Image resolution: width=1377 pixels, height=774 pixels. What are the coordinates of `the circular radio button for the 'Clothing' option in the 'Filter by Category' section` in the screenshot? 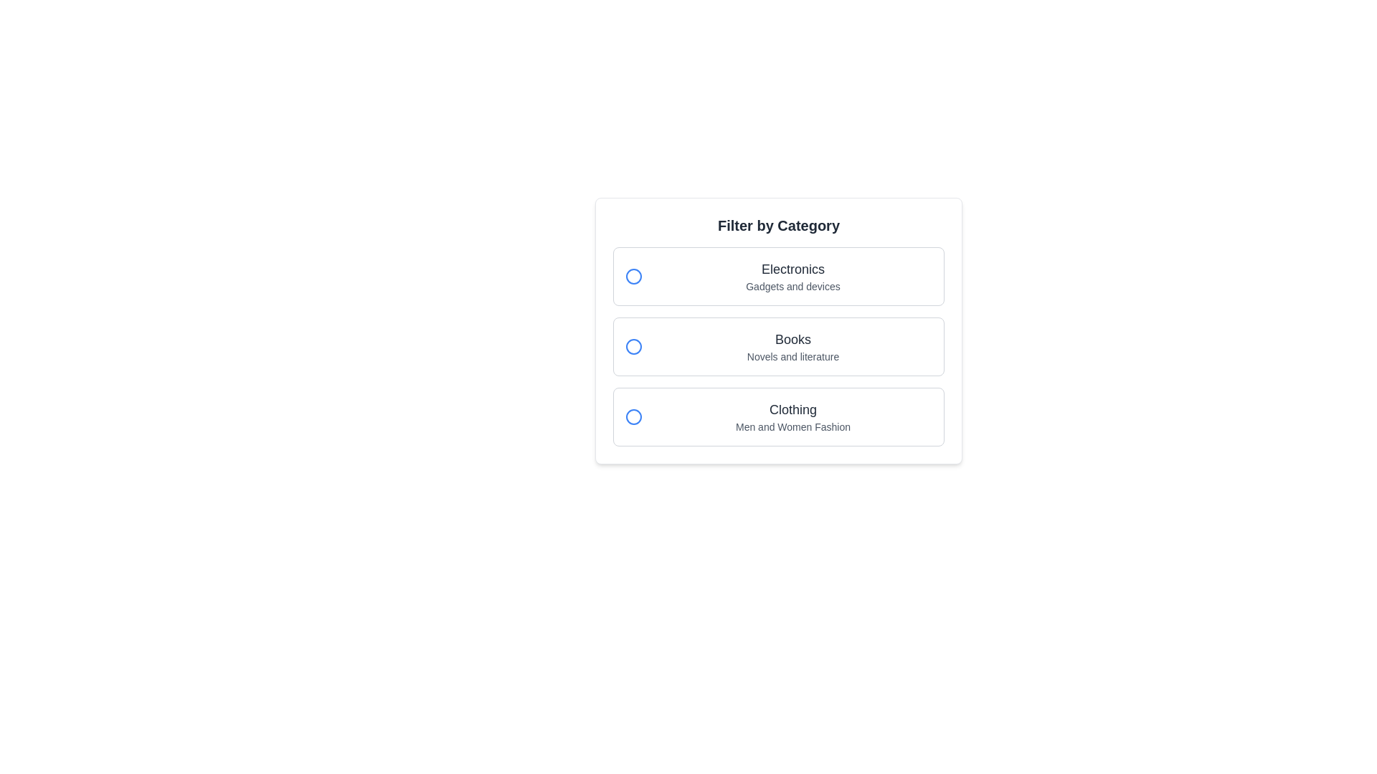 It's located at (633, 417).